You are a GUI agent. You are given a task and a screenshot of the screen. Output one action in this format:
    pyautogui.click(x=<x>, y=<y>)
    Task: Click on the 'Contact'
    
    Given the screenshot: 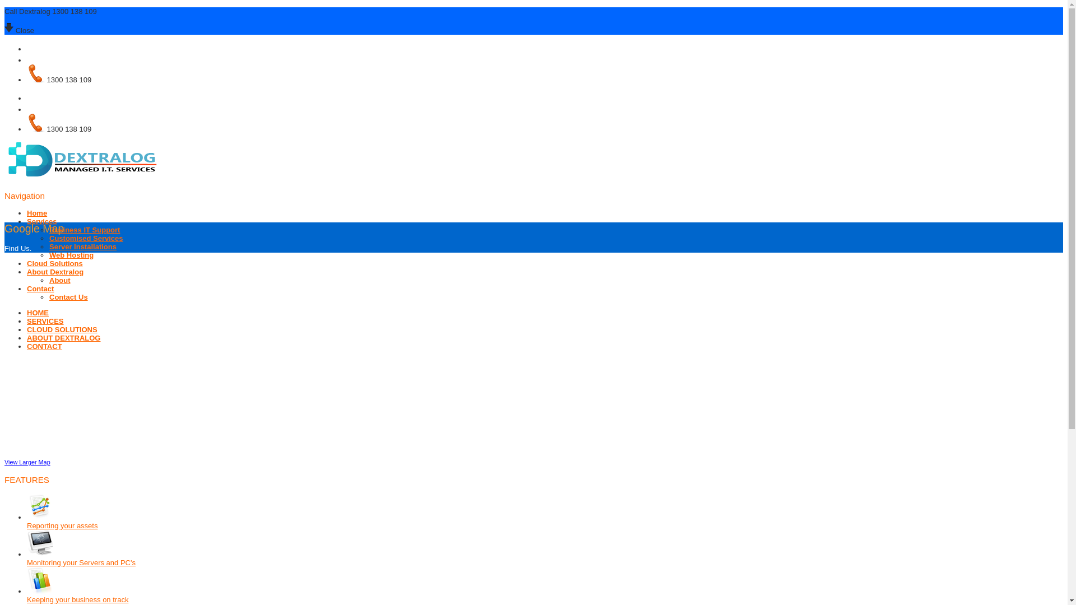 What is the action you would take?
    pyautogui.click(x=40, y=288)
    